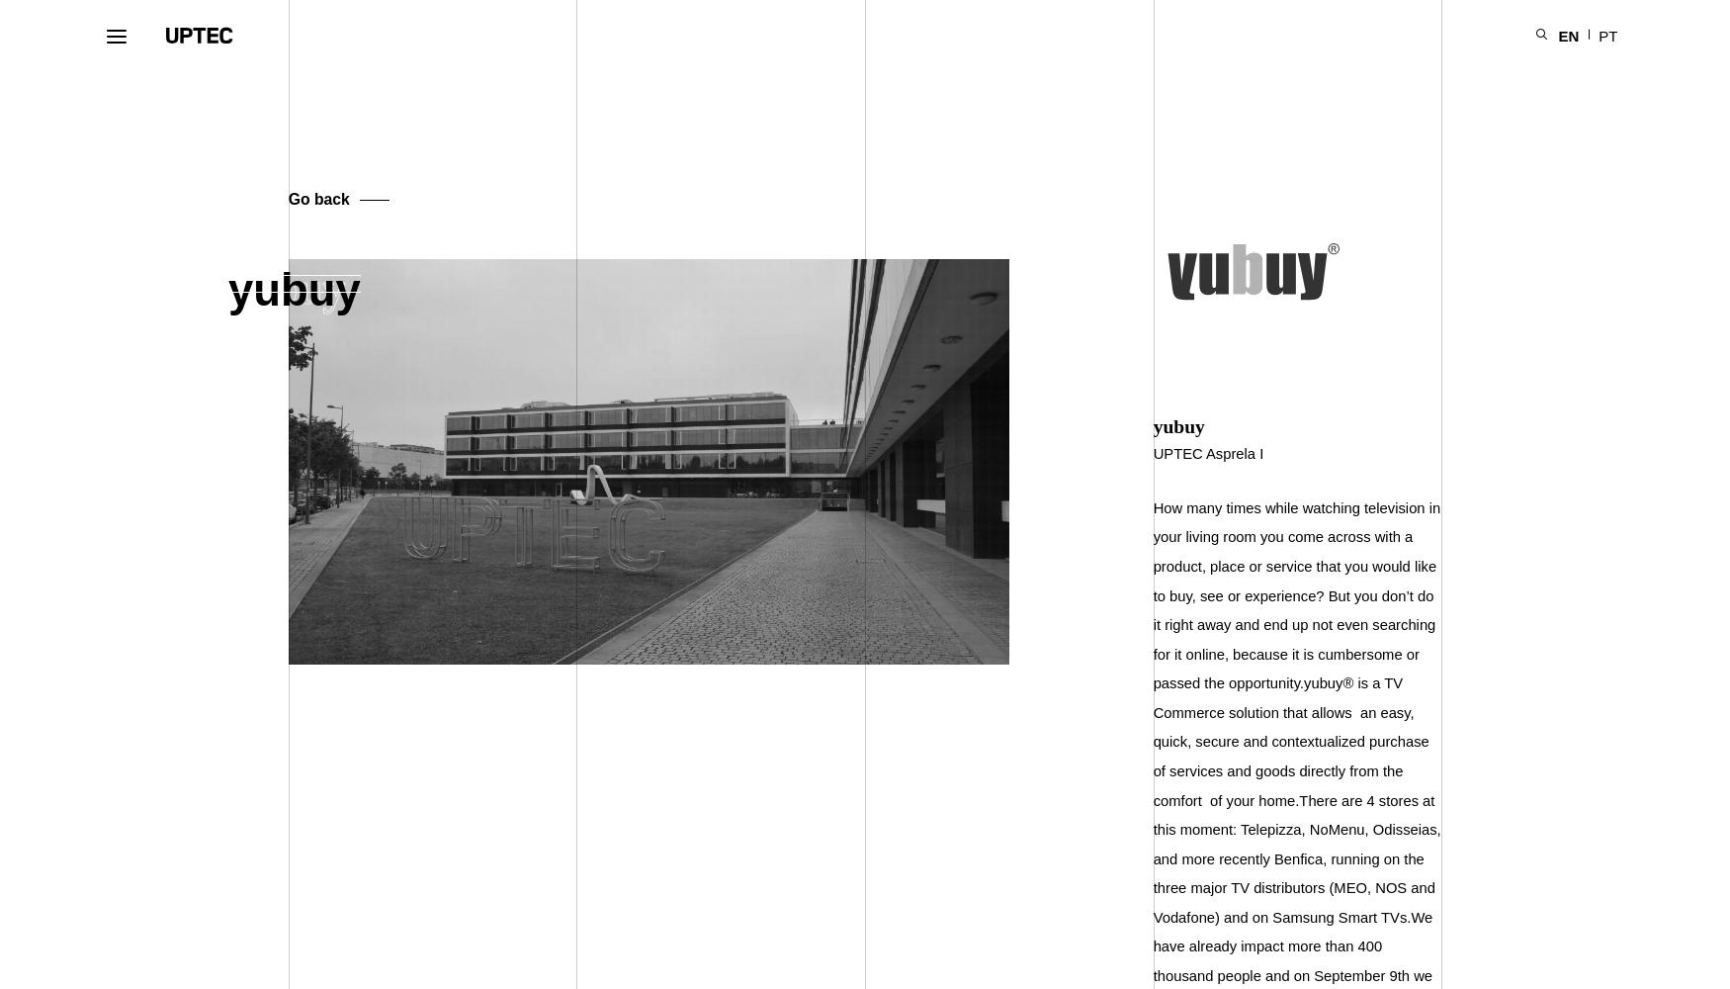 Image resolution: width=1730 pixels, height=989 pixels. Describe the element at coordinates (1232, 876) in the screenshot. I see `'geral@uptec.up.pt'` at that location.